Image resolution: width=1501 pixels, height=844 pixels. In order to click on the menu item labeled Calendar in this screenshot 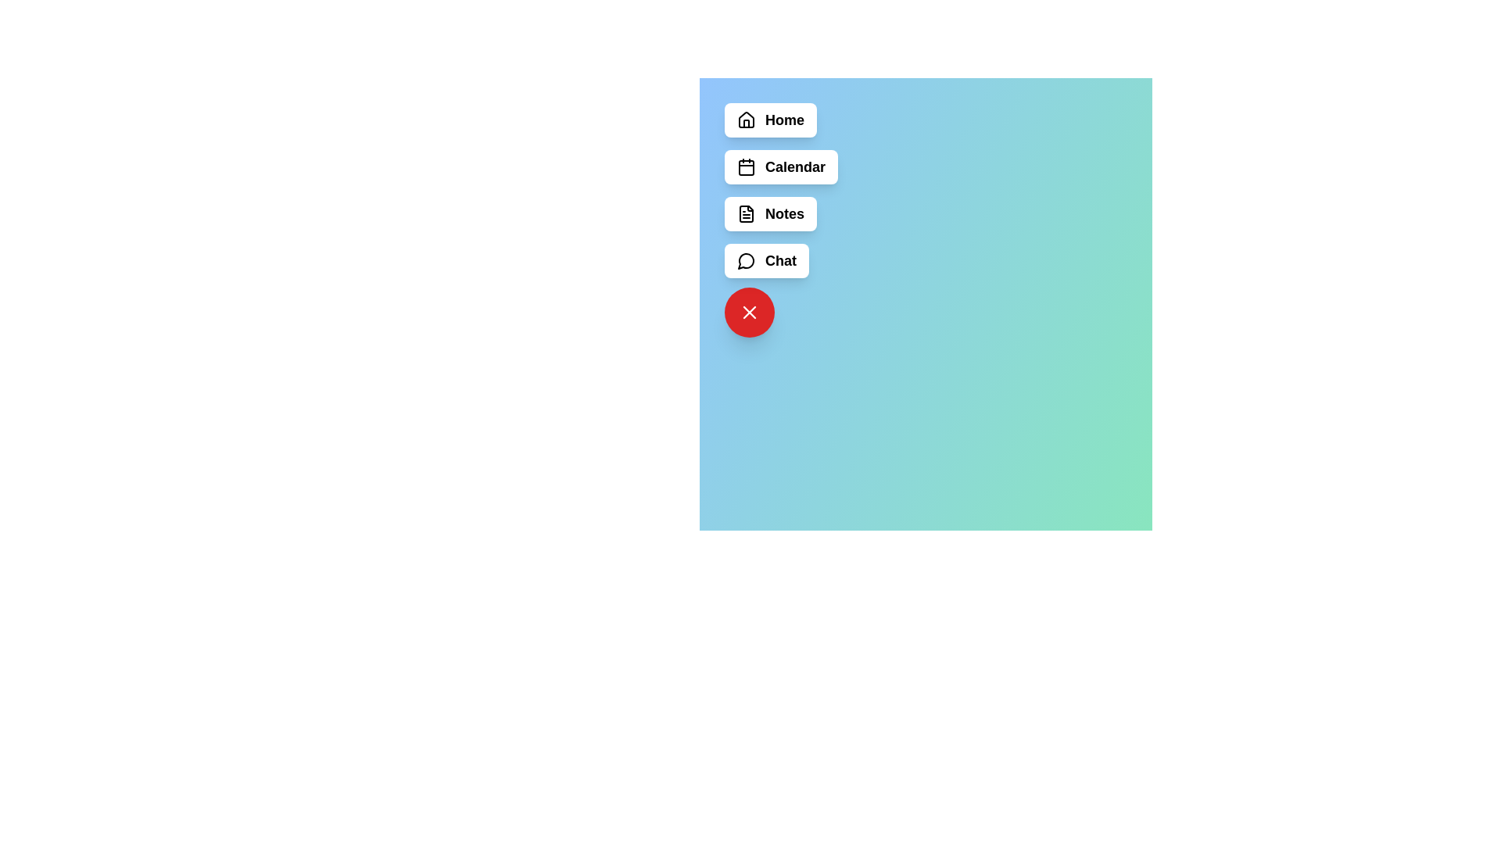, I will do `click(780, 166)`.